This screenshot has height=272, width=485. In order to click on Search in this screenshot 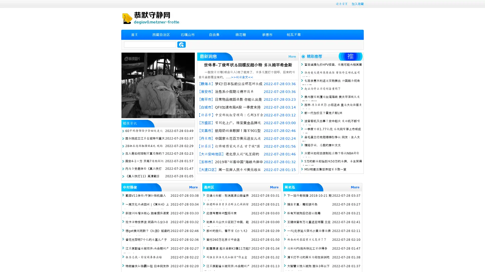, I will do `click(181, 44)`.